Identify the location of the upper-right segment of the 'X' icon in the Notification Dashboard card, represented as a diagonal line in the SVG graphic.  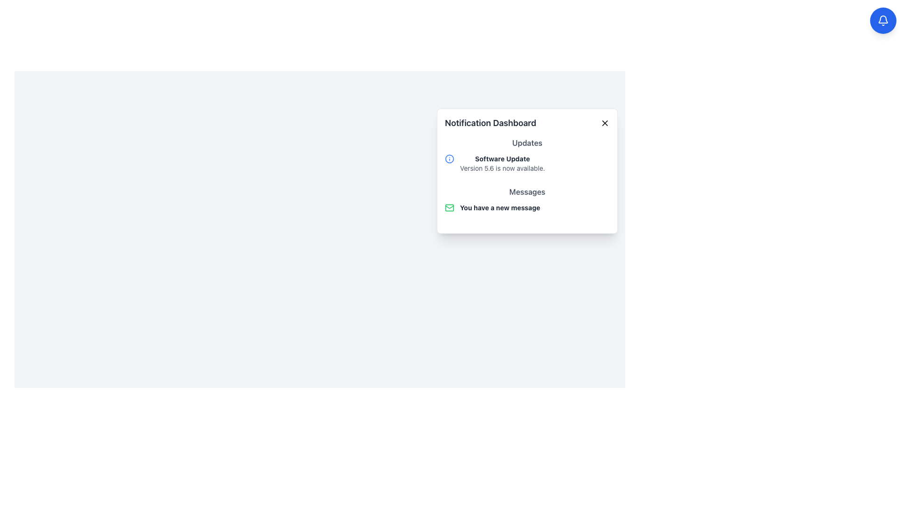
(605, 123).